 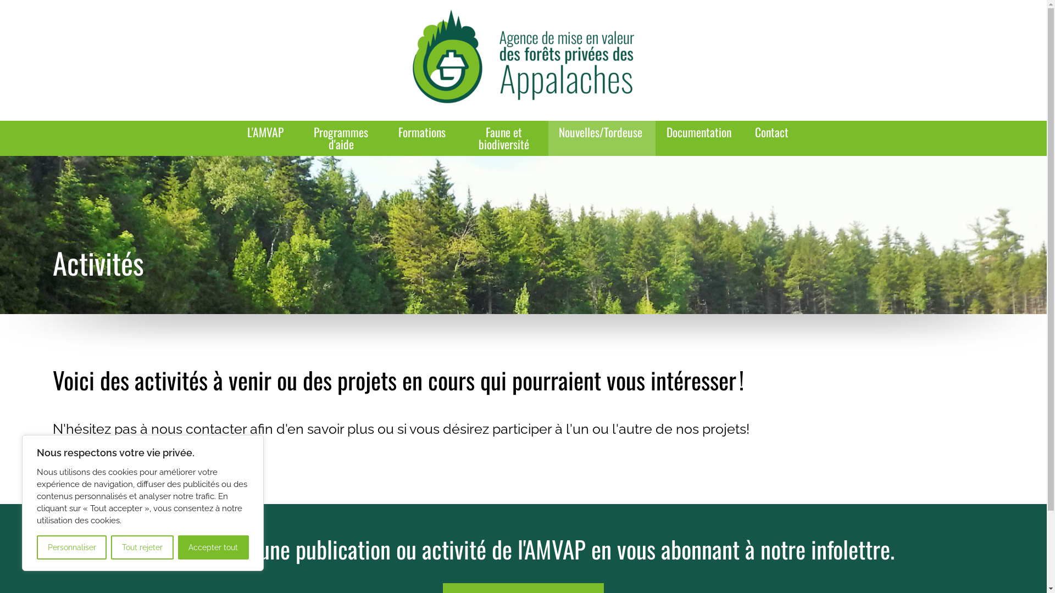 I want to click on 'L'AMVAP', so click(x=266, y=131).